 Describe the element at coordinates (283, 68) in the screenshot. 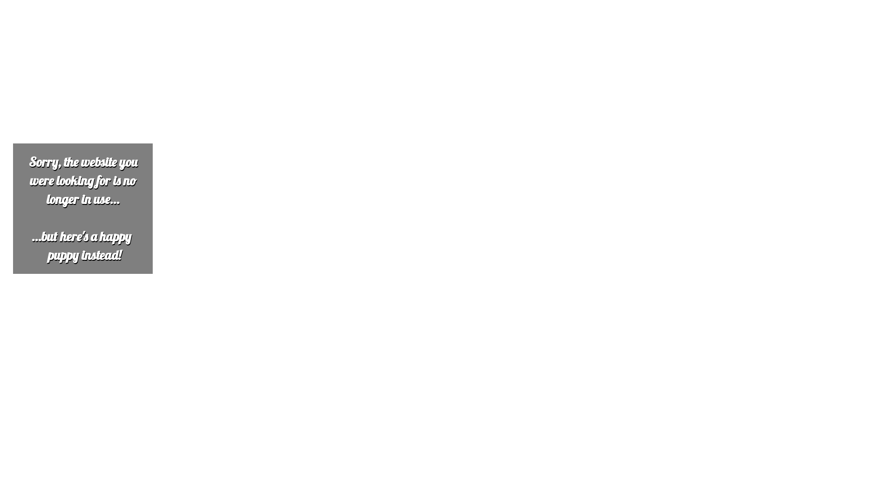

I see `'Advertisement'` at that location.